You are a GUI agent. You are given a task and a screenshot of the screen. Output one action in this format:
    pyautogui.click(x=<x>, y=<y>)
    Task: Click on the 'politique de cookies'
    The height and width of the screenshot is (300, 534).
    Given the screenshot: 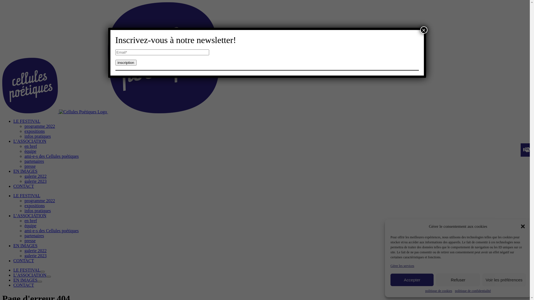 What is the action you would take?
    pyautogui.click(x=425, y=291)
    